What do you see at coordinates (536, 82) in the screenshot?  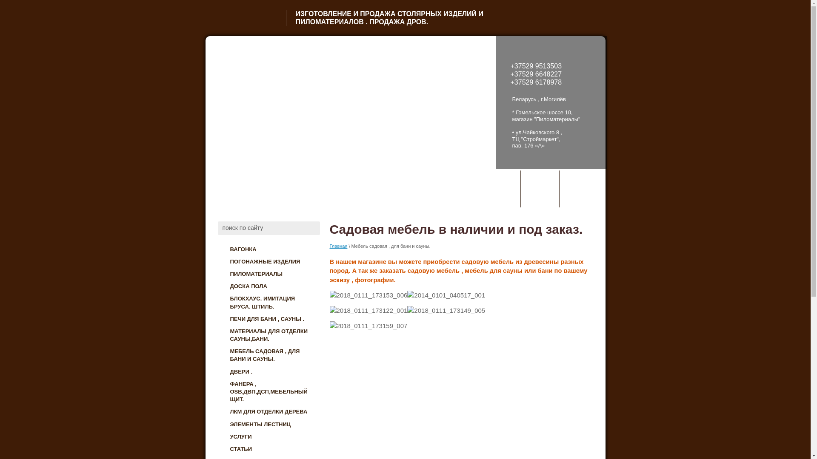 I see `'+37529 6178978'` at bounding box center [536, 82].